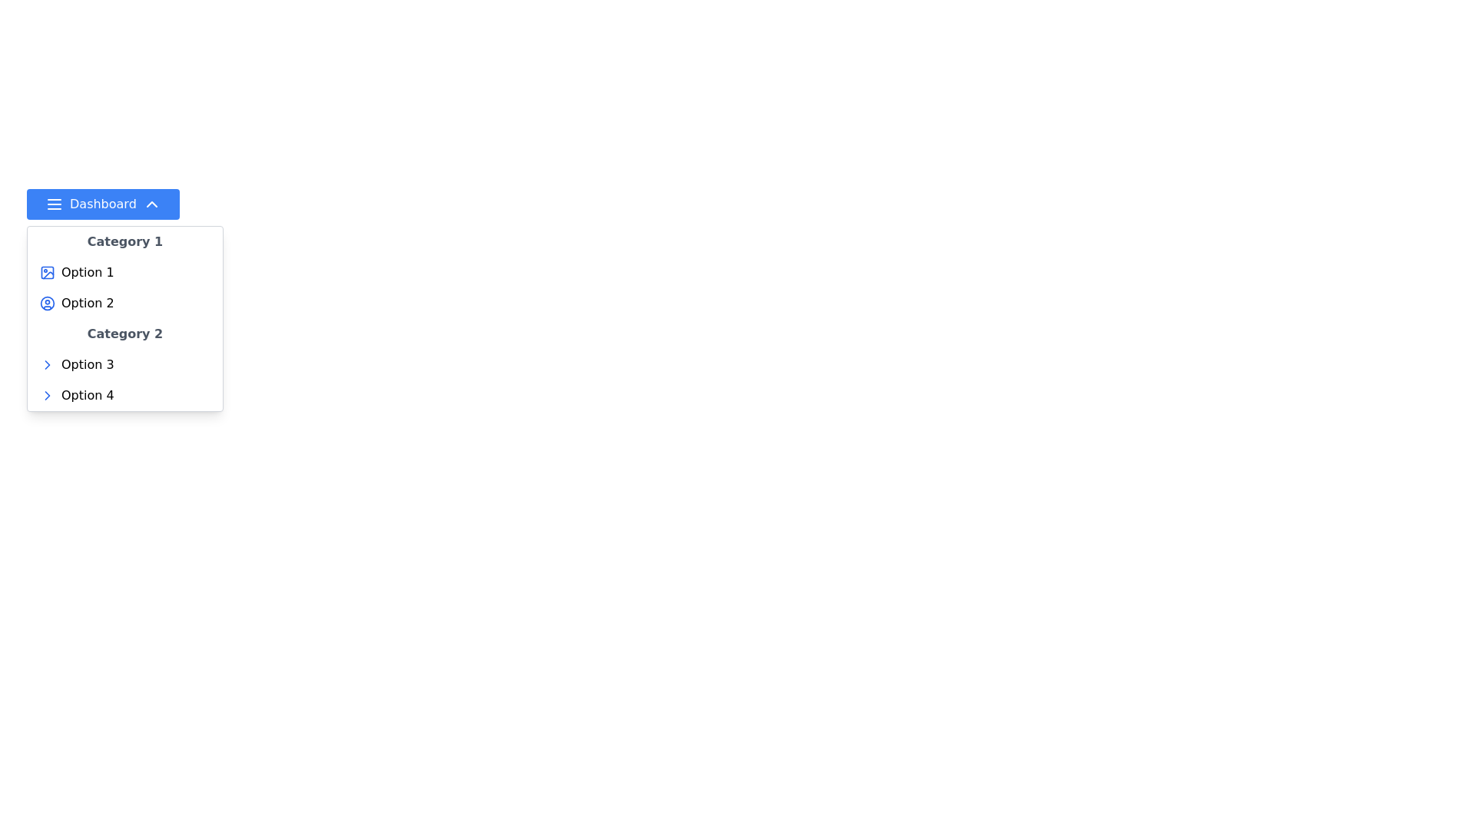  Describe the element at coordinates (48, 271) in the screenshot. I see `the small rectangular figure with rounded corners located within the graphical icon next to 'Option 2' under 'Category 1' in the dropdown menu` at that location.